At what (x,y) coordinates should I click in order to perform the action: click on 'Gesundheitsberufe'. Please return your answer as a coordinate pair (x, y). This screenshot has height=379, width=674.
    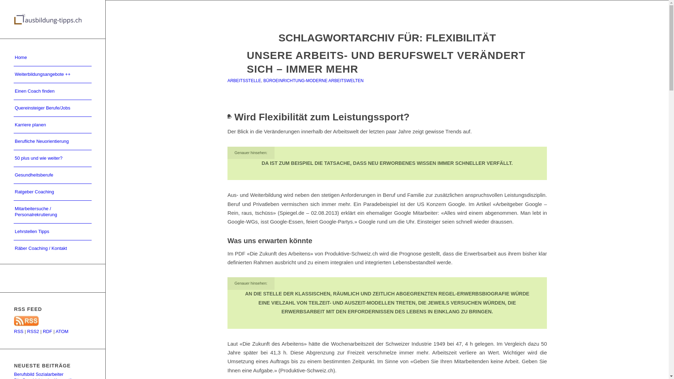
    Looking at the image, I should click on (52, 175).